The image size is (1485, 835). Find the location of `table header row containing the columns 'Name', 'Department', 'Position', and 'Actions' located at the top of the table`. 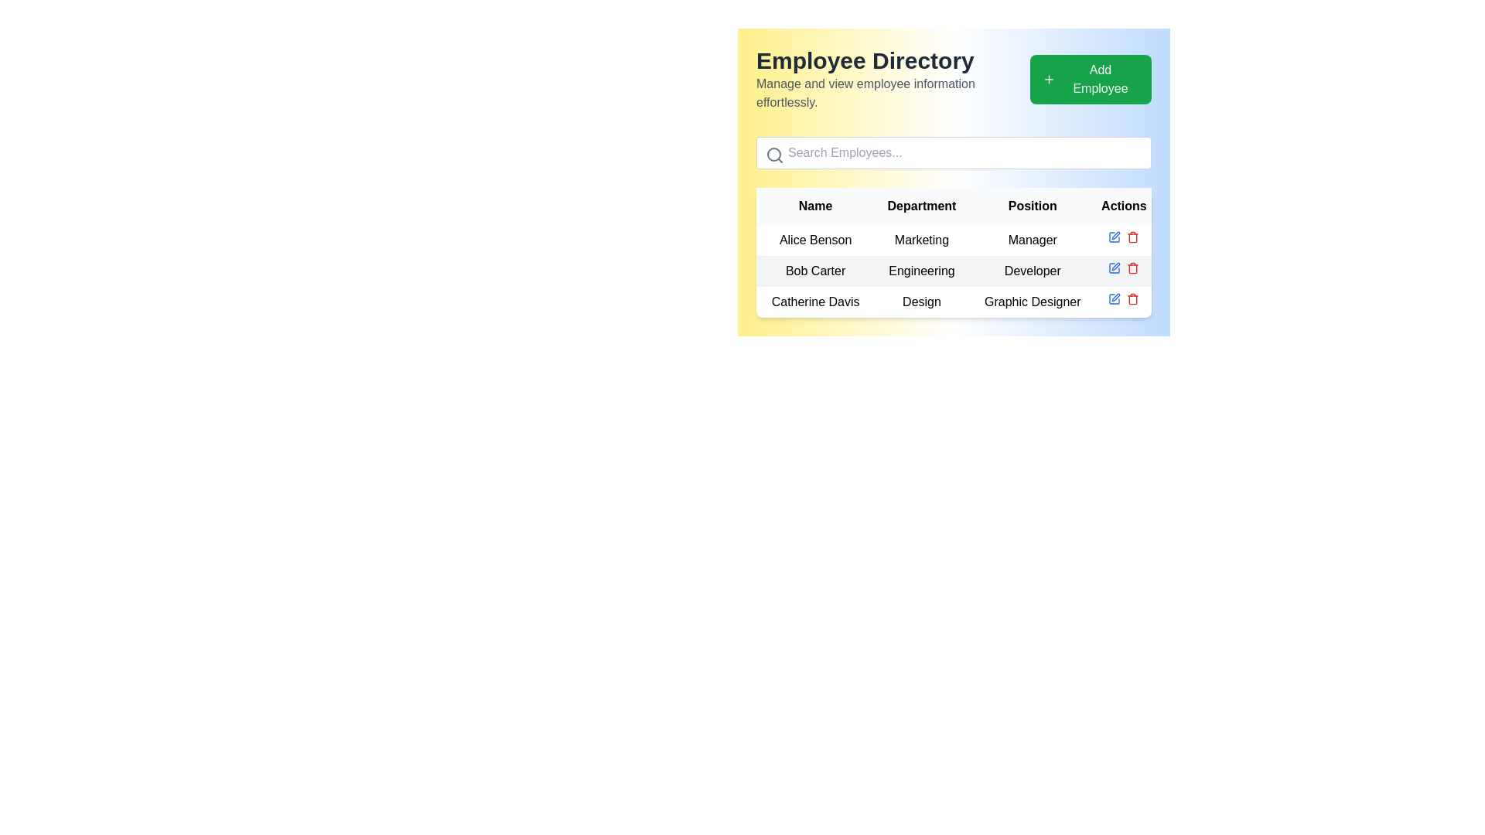

table header row containing the columns 'Name', 'Department', 'Position', and 'Actions' located at the top of the table is located at coordinates (953, 205).